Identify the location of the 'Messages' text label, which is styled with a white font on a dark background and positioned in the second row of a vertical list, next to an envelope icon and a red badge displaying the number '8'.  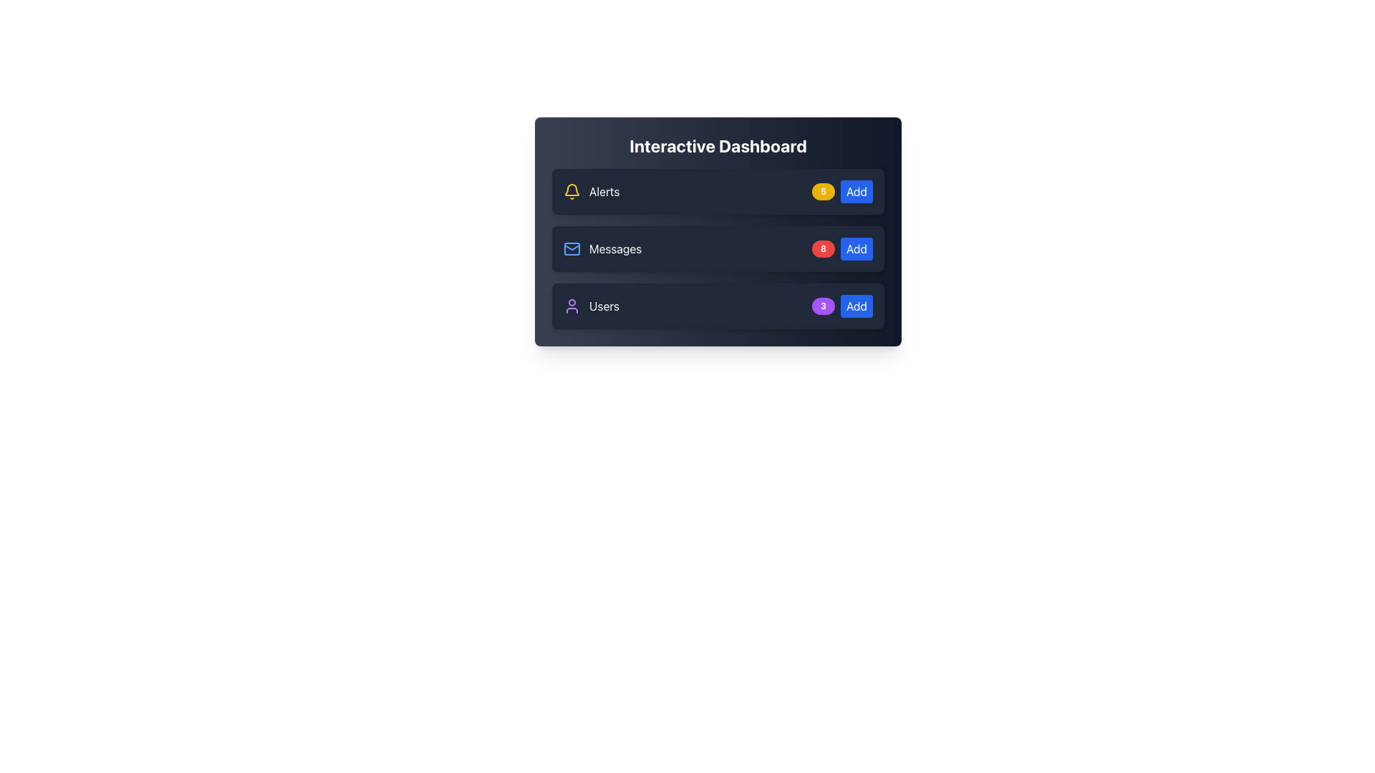
(615, 248).